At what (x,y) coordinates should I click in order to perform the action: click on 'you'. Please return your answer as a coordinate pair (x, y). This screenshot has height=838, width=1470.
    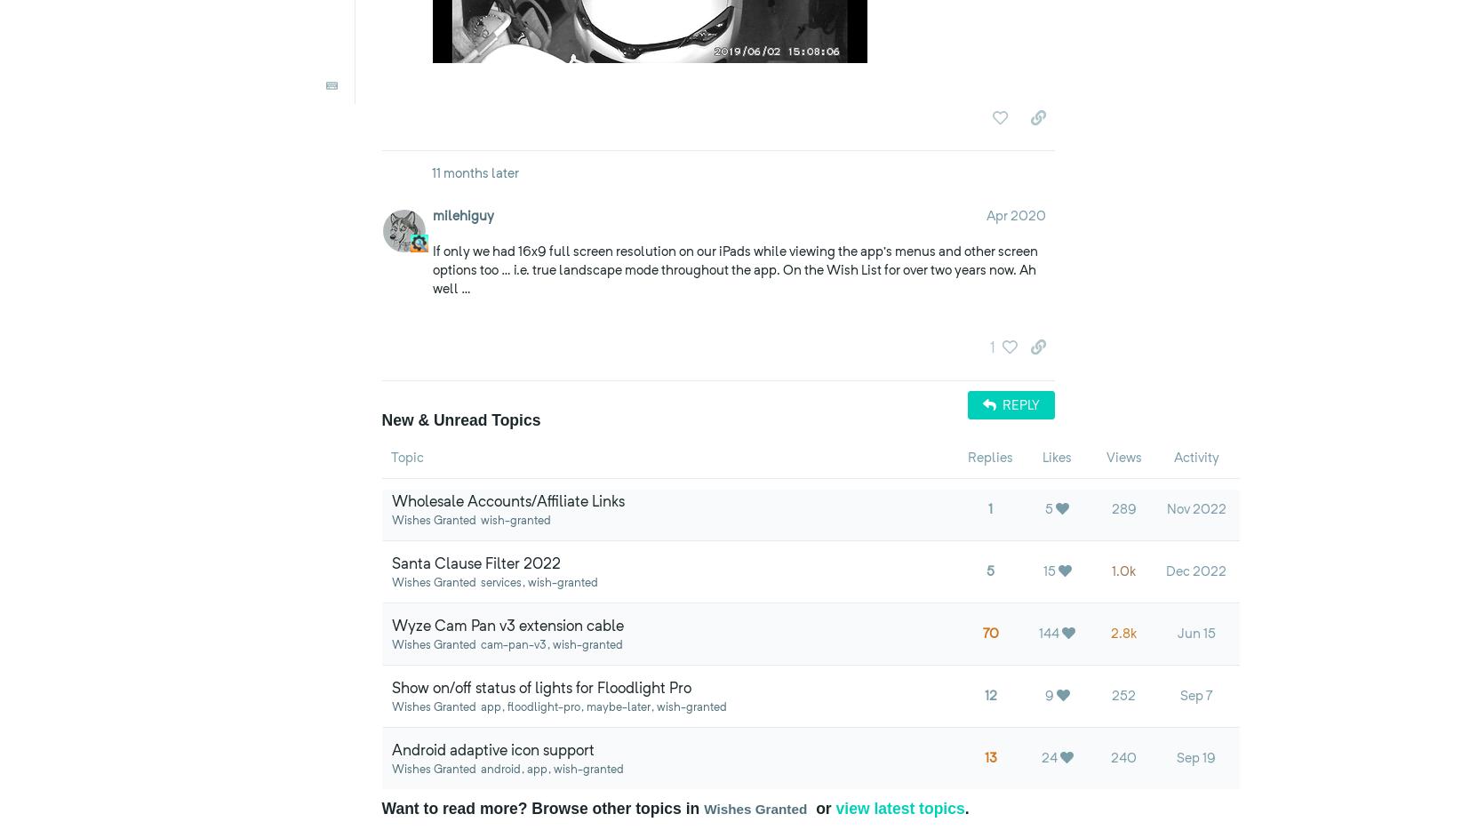
    Looking at the image, I should click on (954, 65).